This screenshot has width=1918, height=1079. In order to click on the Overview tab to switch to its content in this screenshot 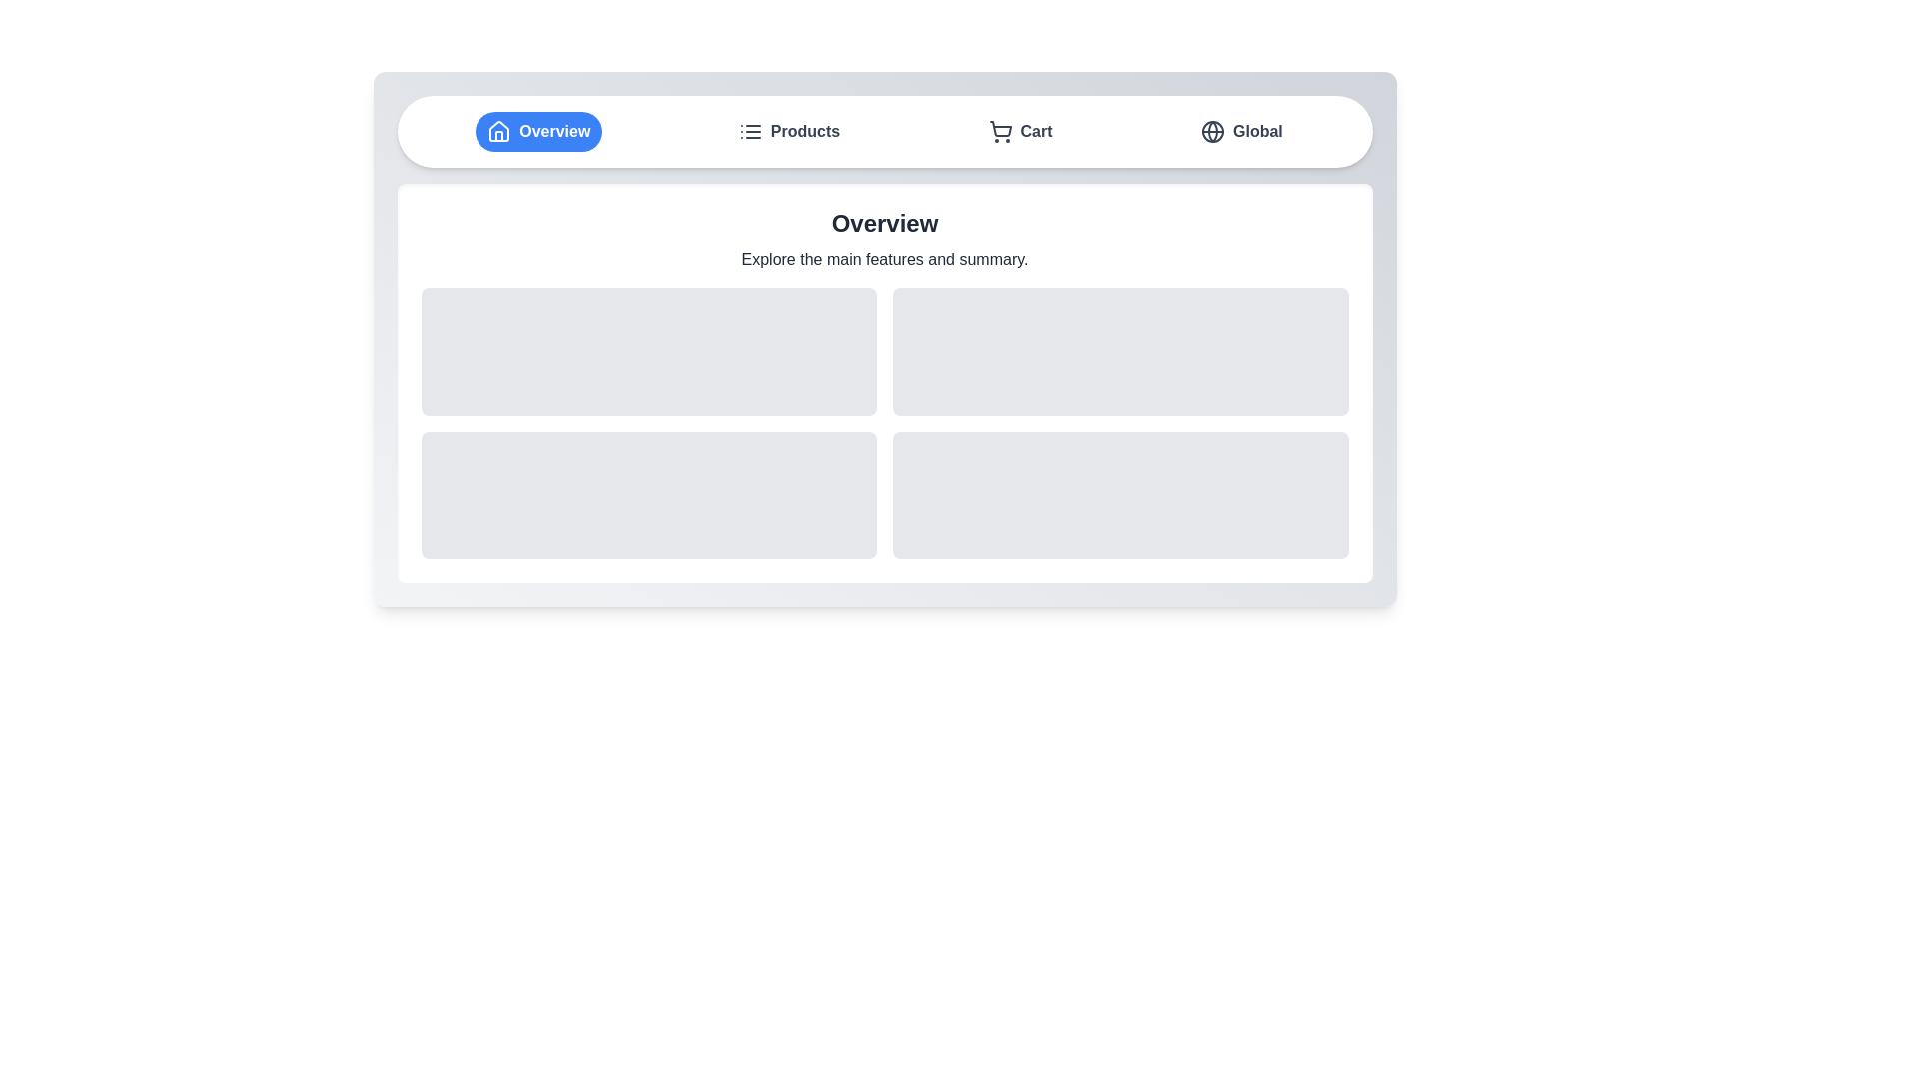, I will do `click(538, 131)`.